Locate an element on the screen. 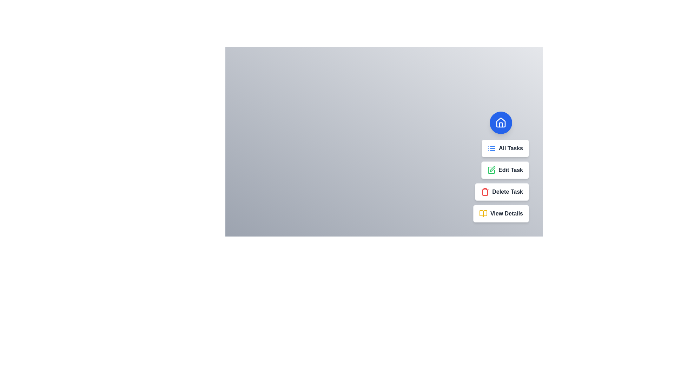 The width and height of the screenshot is (674, 379). the task option View Details from the speed dial menu is located at coordinates (501, 213).